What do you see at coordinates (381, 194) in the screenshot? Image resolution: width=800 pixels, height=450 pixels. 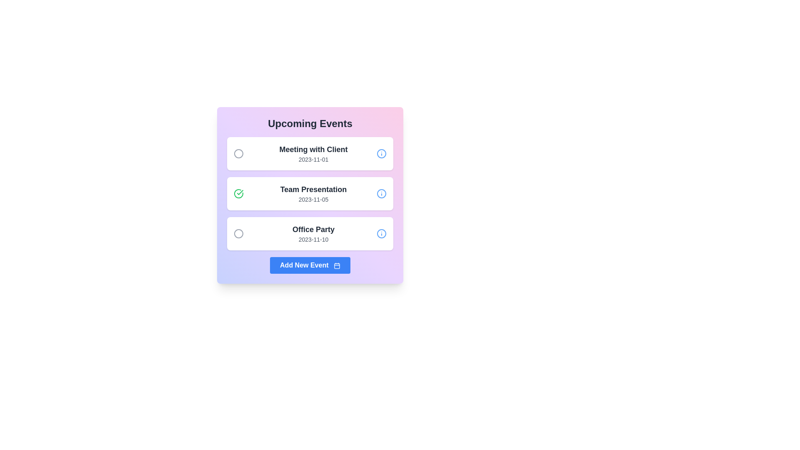 I see `the icon located to the far right of the 'Team Presentation' section, next to '2023-11-05'` at bounding box center [381, 194].